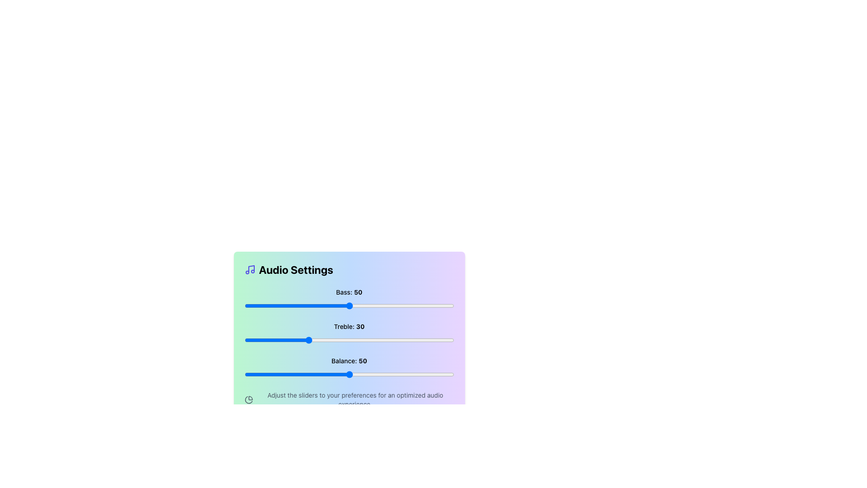 The height and width of the screenshot is (488, 867). Describe the element at coordinates (349, 360) in the screenshot. I see `the 'Balance' text label in the 'Audio Settings' section, which indicates the current balance setting as '50'` at that location.